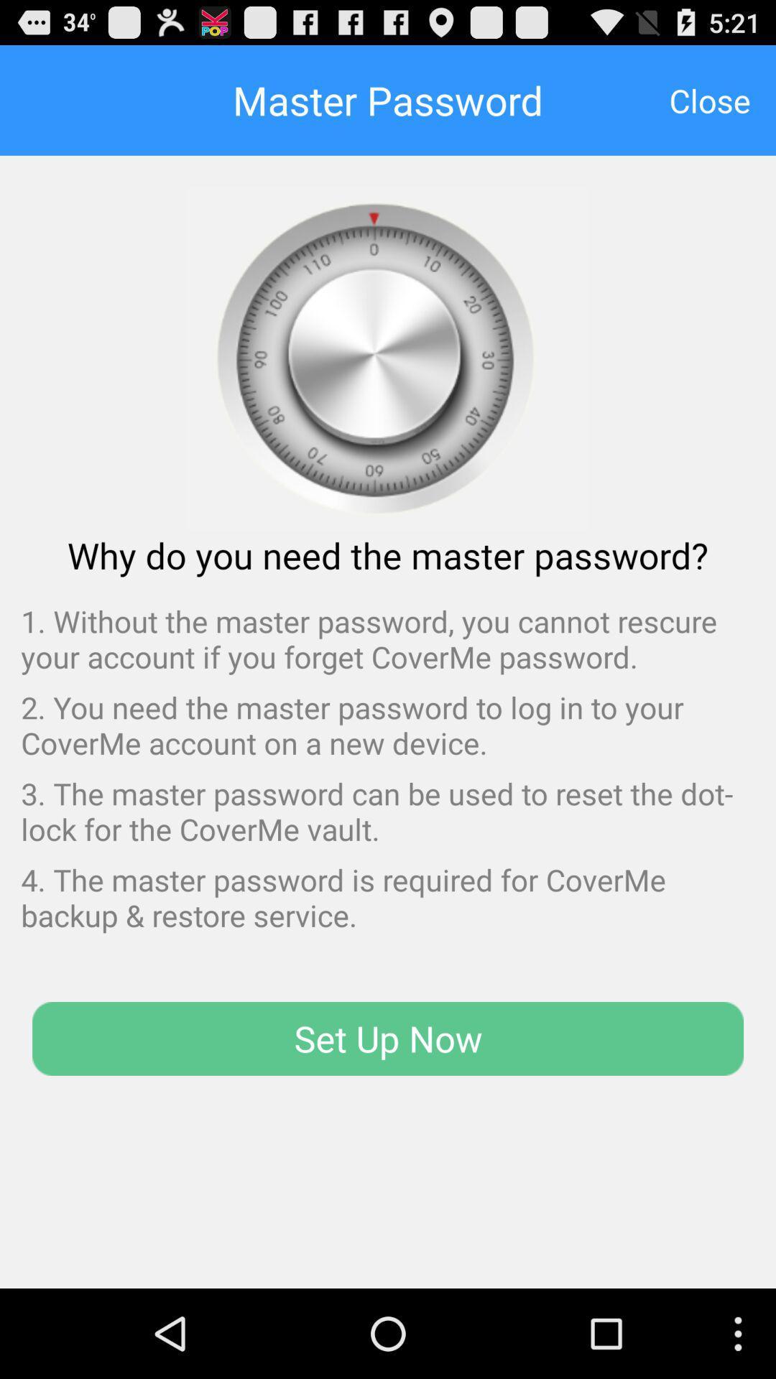 This screenshot has height=1379, width=776. What do you see at coordinates (709, 99) in the screenshot?
I see `icon to the right of master password` at bounding box center [709, 99].